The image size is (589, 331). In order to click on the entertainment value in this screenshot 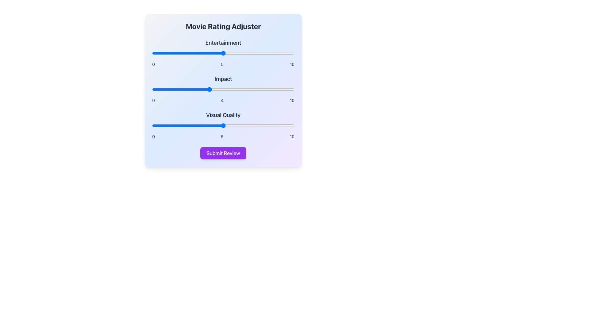, I will do `click(194, 53)`.